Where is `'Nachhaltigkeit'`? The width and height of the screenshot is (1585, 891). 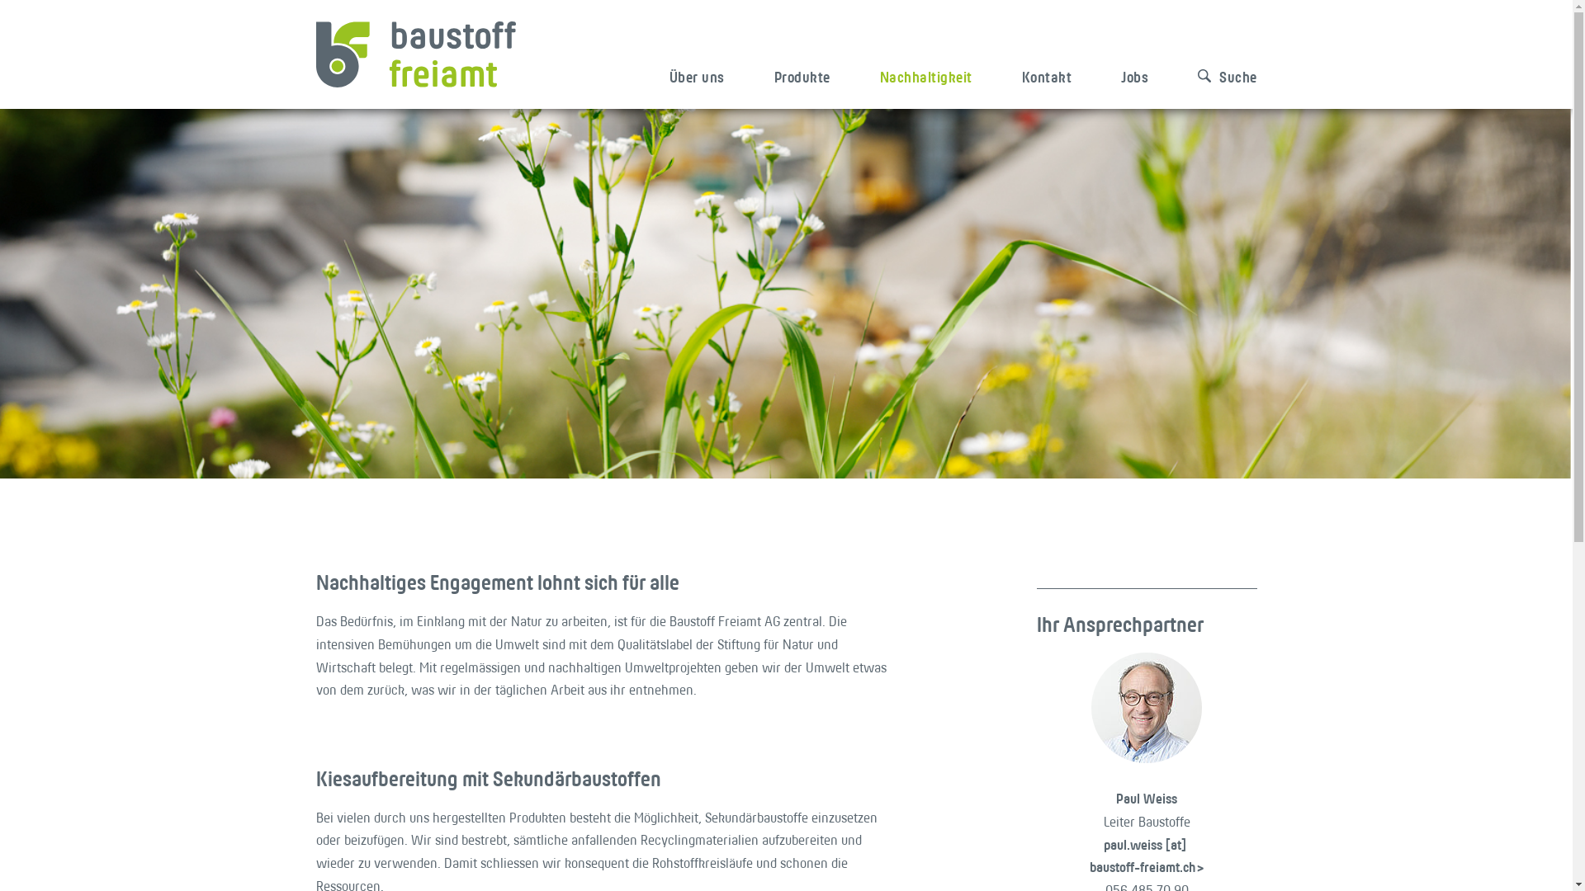
'Nachhaltigkeit' is located at coordinates (926, 69).